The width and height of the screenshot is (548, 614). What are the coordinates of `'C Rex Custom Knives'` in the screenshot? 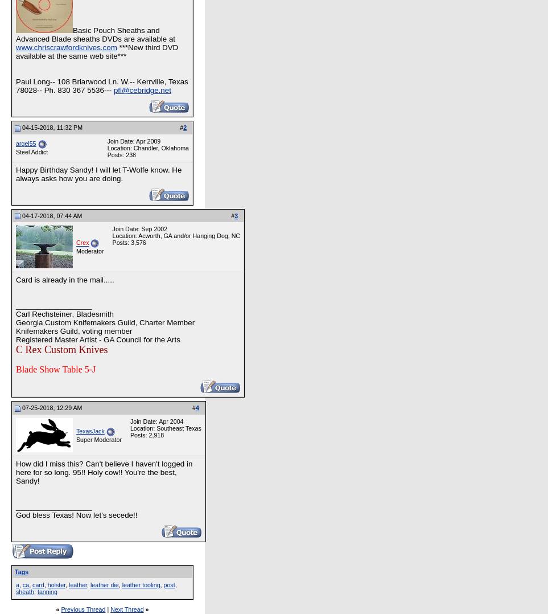 It's located at (61, 350).